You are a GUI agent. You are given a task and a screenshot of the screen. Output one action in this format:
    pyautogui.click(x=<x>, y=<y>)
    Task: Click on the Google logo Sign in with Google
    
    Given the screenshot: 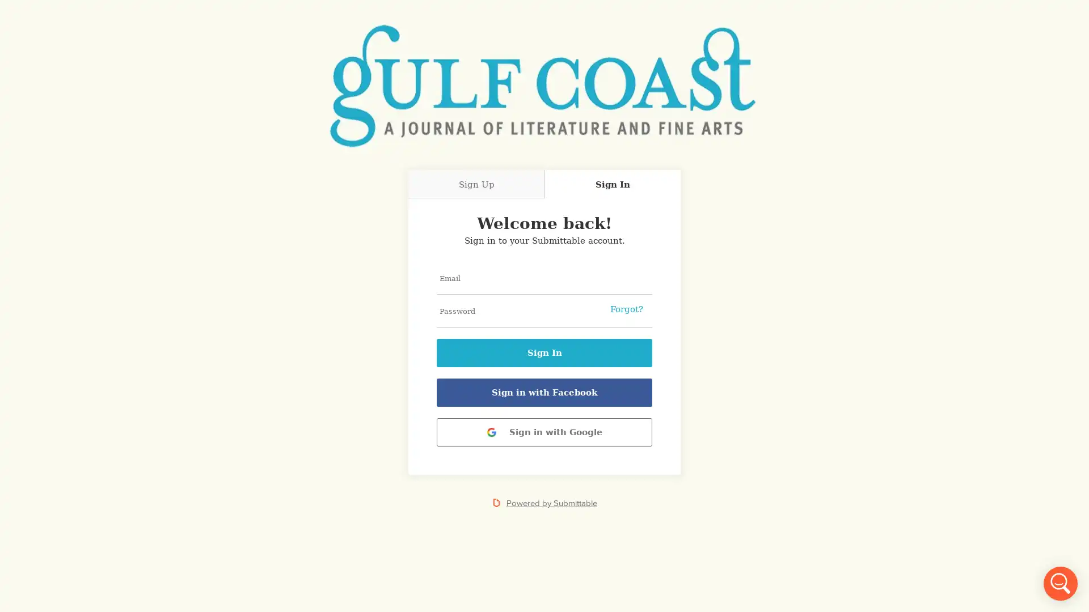 What is the action you would take?
    pyautogui.click(x=544, y=432)
    